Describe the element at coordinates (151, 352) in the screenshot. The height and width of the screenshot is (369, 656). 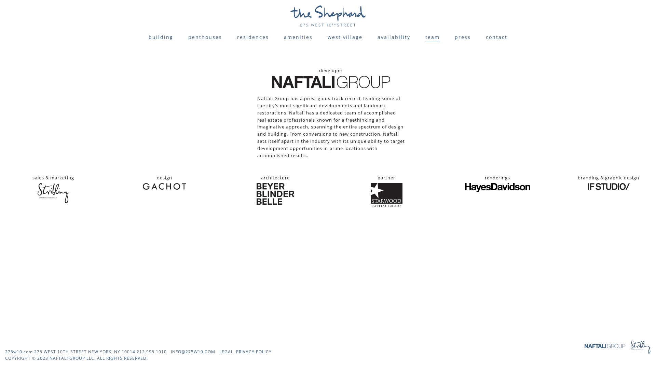
I see `'212.995.1010'` at that location.